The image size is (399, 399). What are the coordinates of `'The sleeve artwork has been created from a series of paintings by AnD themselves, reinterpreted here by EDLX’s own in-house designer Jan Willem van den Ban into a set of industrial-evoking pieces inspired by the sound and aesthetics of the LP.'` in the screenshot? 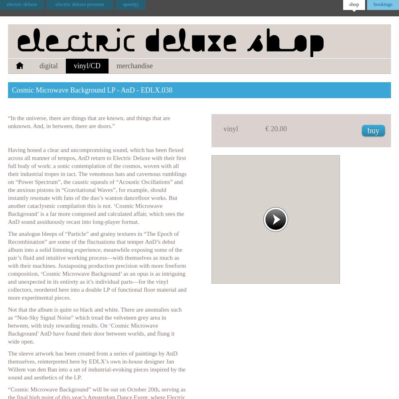 It's located at (96, 365).